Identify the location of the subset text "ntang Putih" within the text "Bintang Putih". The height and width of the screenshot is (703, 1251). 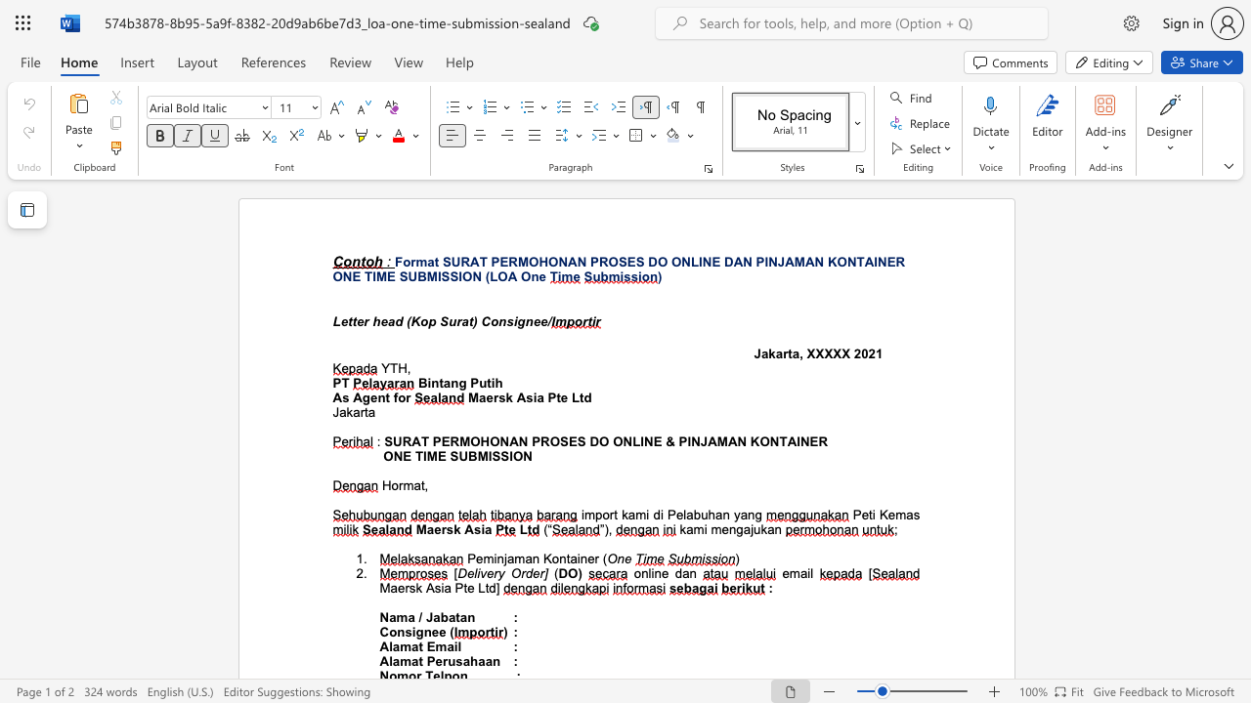
(430, 383).